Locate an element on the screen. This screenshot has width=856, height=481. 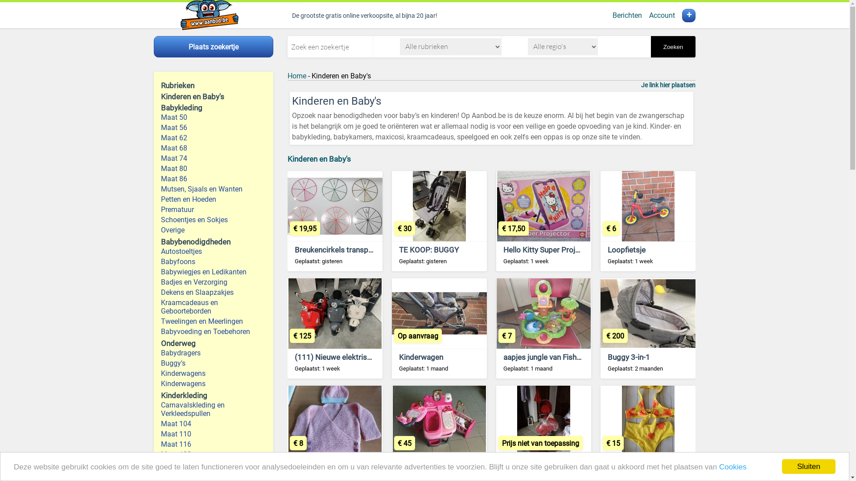
'Maat 56' is located at coordinates (160, 127).